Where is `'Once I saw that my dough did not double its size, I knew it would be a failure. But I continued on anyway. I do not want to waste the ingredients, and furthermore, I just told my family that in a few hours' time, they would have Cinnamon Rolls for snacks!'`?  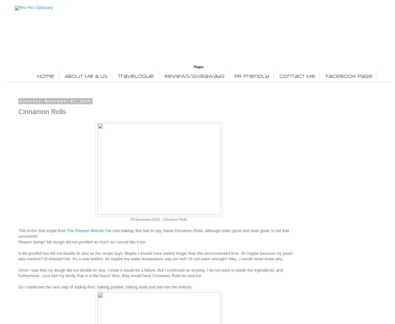 'Once I saw that my dough did not double its size, I knew it would be a failure. But I continued on anyway. I do not want to waste the ingredients, and furthermore, I just told my family that in a few hours' time, they would have Cinnamon Rolls for snacks!' is located at coordinates (18, 272).